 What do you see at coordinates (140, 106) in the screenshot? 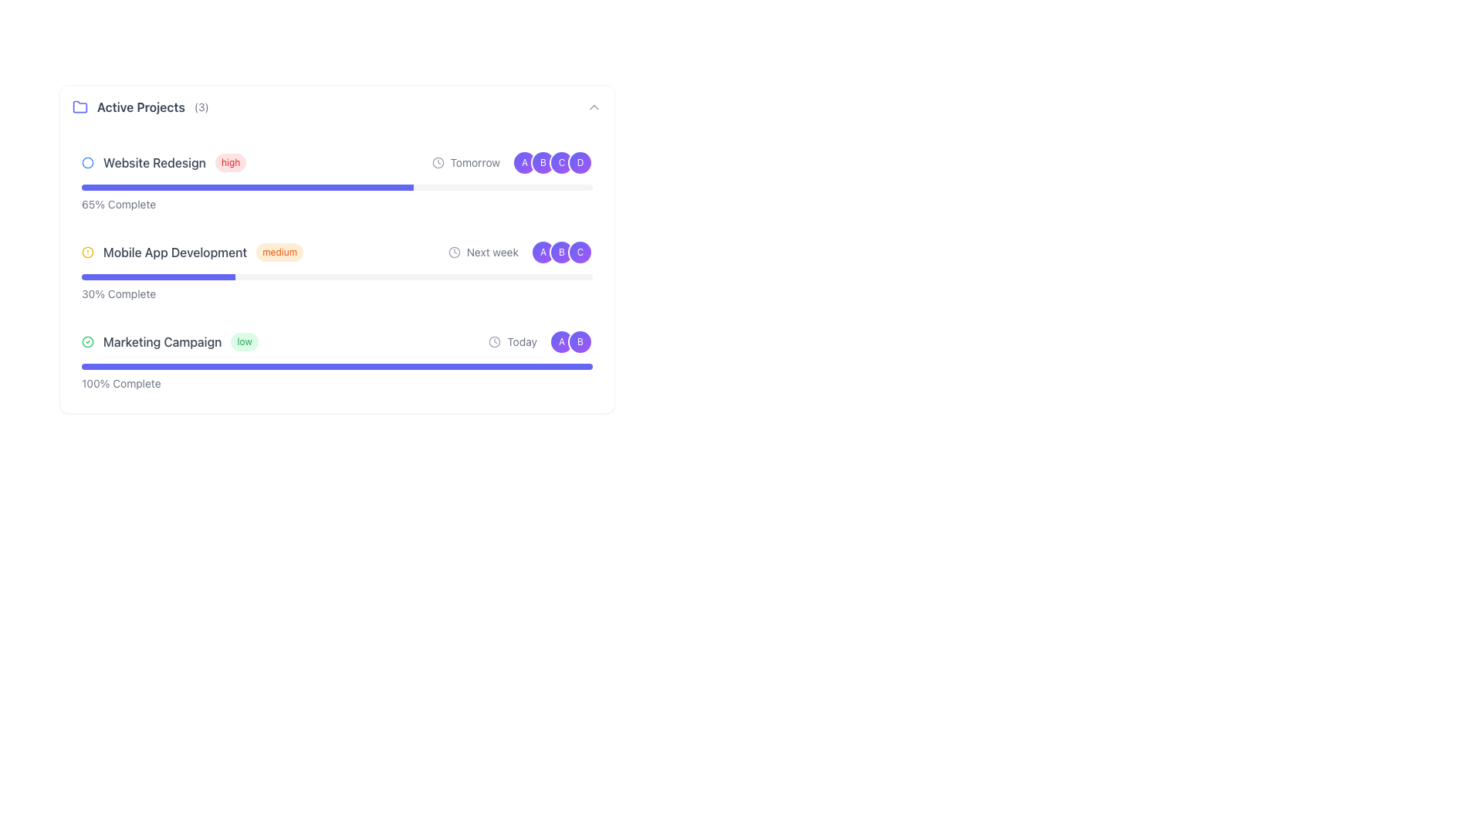
I see `the text label that serves as the header for the section listing active projects, which is located between a folder icon on the left and a small text '(3)' on the right` at bounding box center [140, 106].